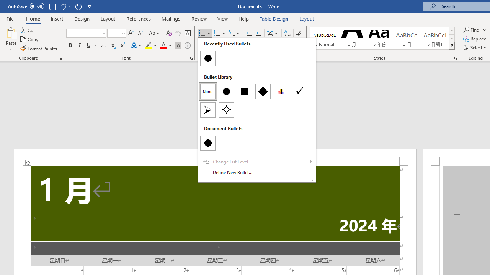 Image resolution: width=490 pixels, height=275 pixels. What do you see at coordinates (50, 6) in the screenshot?
I see `'Quick Access Toolbar'` at bounding box center [50, 6].